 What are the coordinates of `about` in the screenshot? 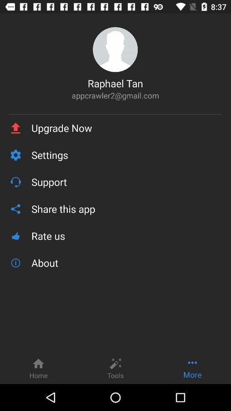 It's located at (126, 262).